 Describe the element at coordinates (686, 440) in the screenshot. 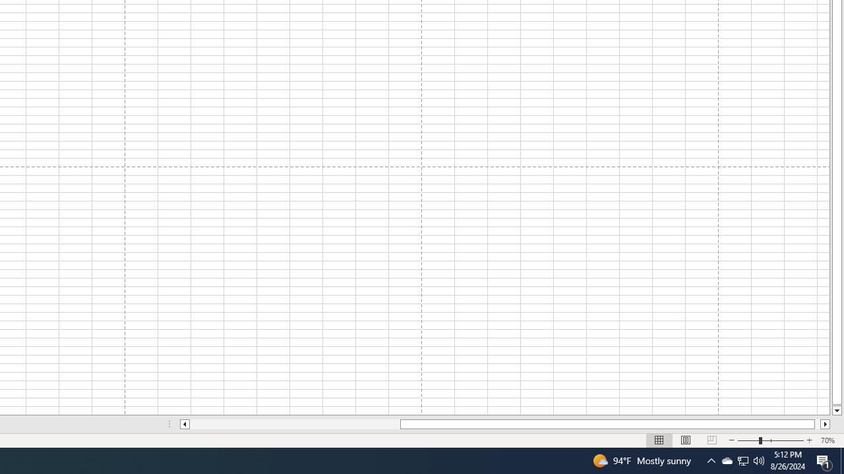

I see `'Page Layout'` at that location.